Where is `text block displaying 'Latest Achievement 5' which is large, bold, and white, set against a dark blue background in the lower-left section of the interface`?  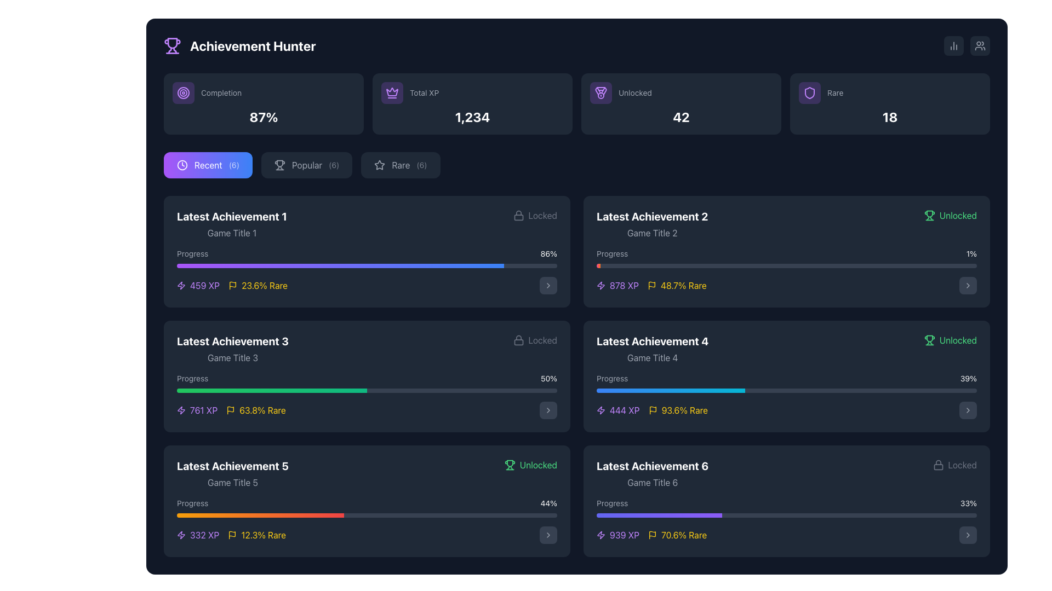 text block displaying 'Latest Achievement 5' which is large, bold, and white, set against a dark blue background in the lower-left section of the interface is located at coordinates (232, 466).